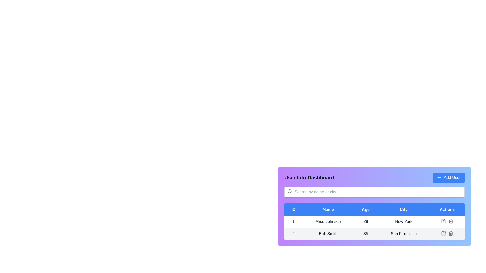 This screenshot has height=273, width=486. What do you see at coordinates (444, 220) in the screenshot?
I see `the gray pen icon in the 'Actions' column of the second row of the user information table` at bounding box center [444, 220].